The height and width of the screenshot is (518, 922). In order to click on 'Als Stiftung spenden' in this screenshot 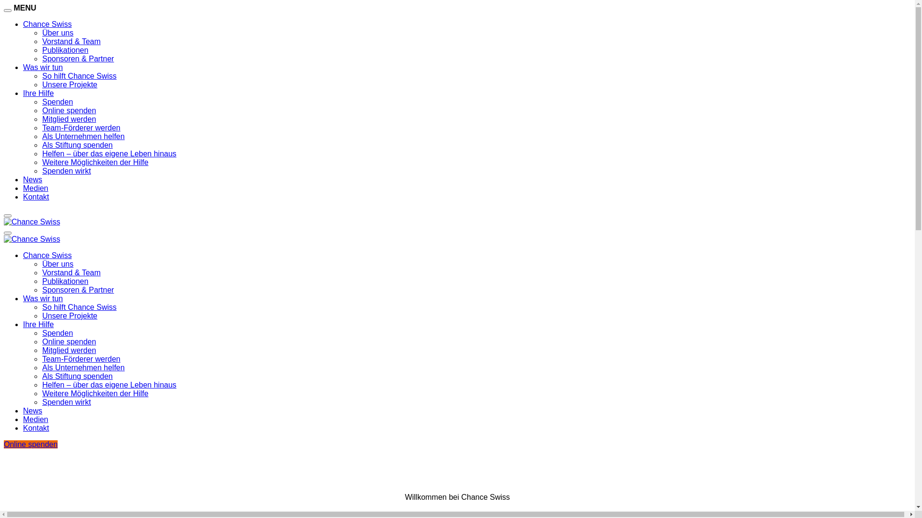, I will do `click(77, 376)`.